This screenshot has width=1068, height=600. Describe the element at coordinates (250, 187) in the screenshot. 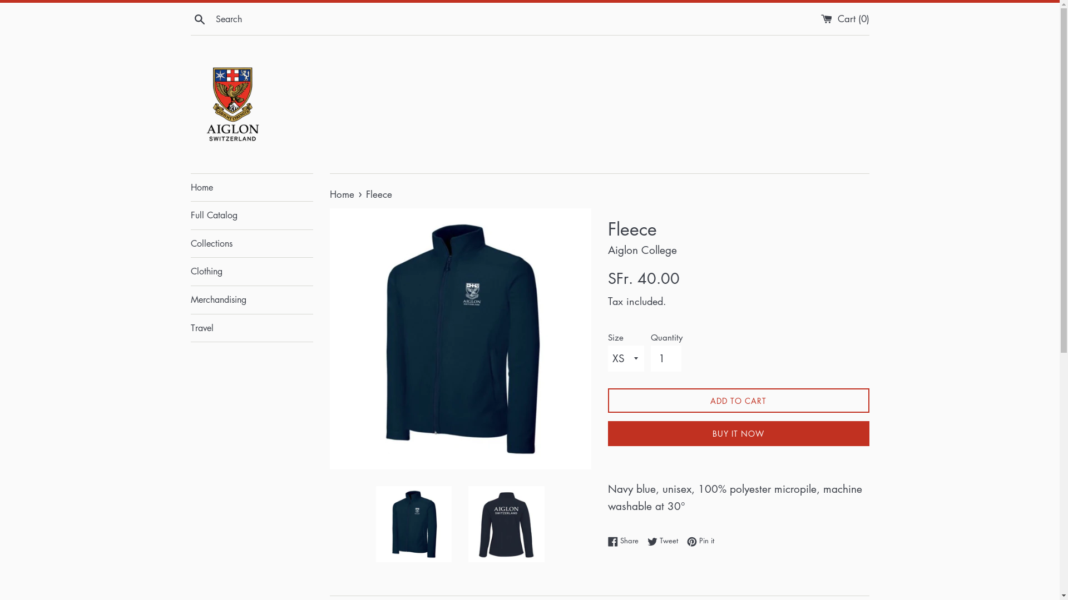

I see `'Home'` at that location.